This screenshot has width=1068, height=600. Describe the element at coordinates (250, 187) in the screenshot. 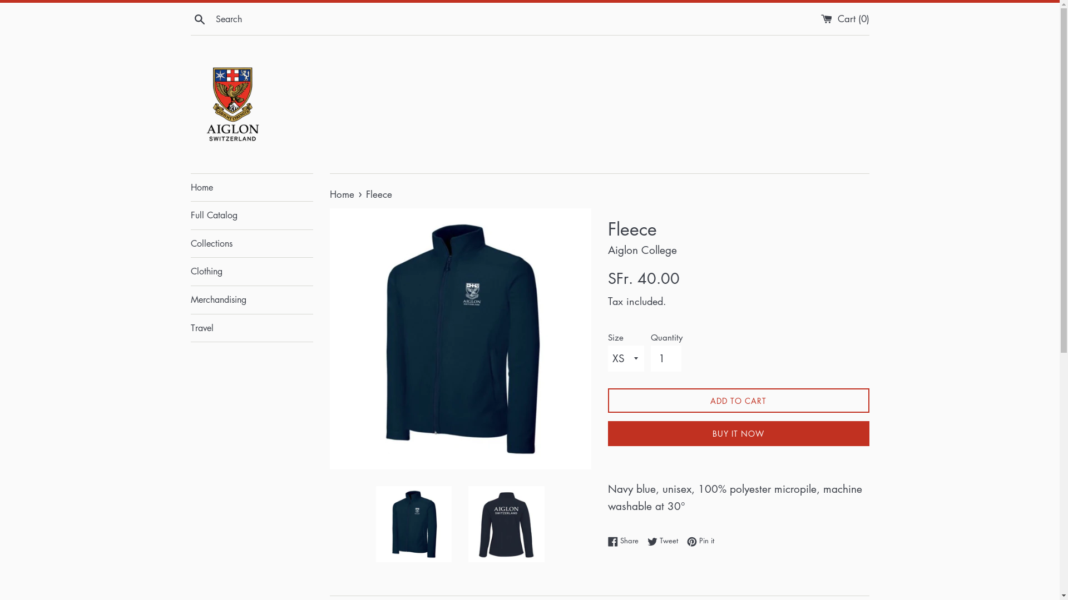

I see `'Home'` at that location.